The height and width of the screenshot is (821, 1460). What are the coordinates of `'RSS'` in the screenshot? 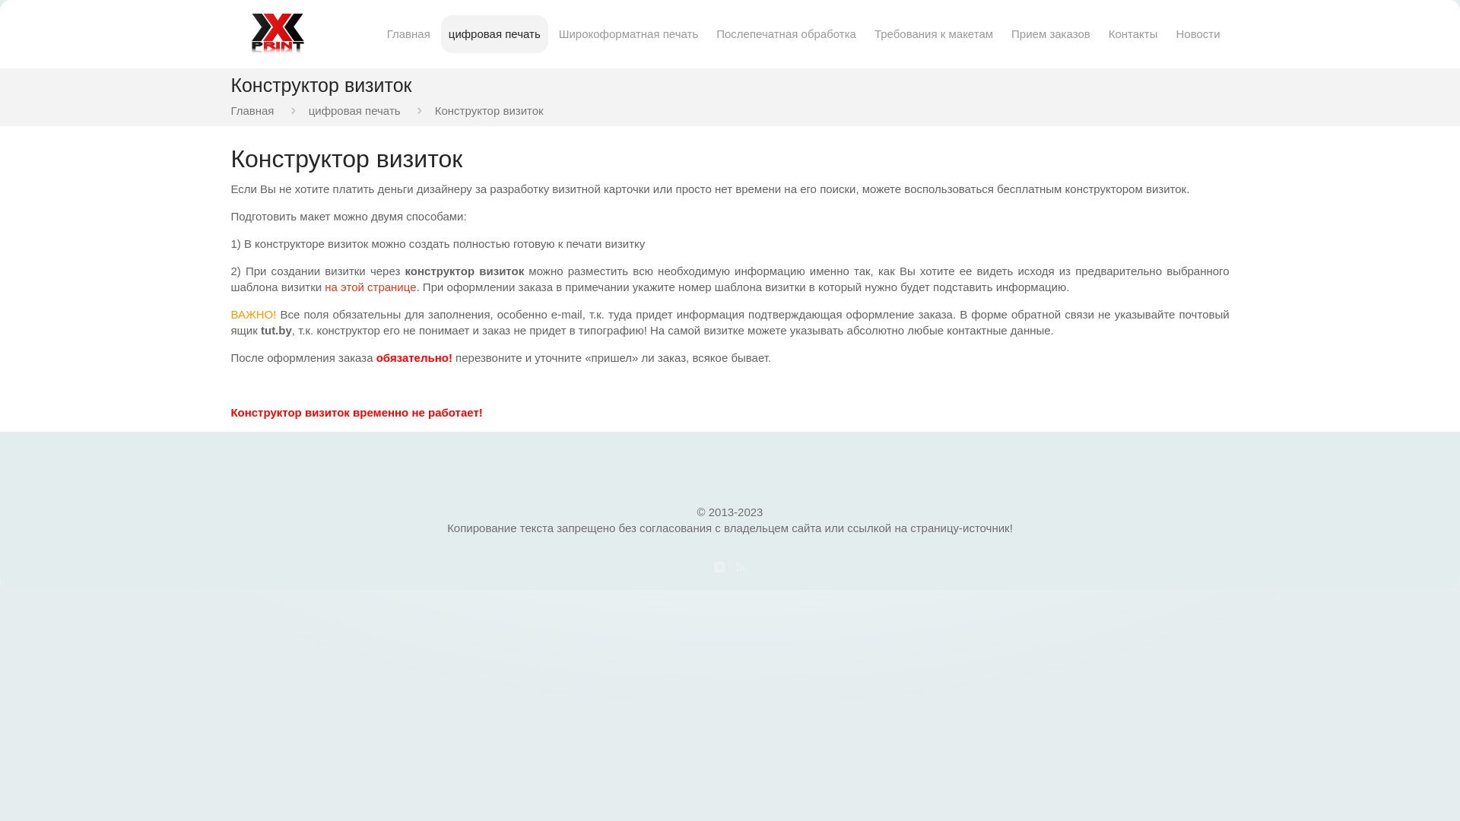 It's located at (740, 566).